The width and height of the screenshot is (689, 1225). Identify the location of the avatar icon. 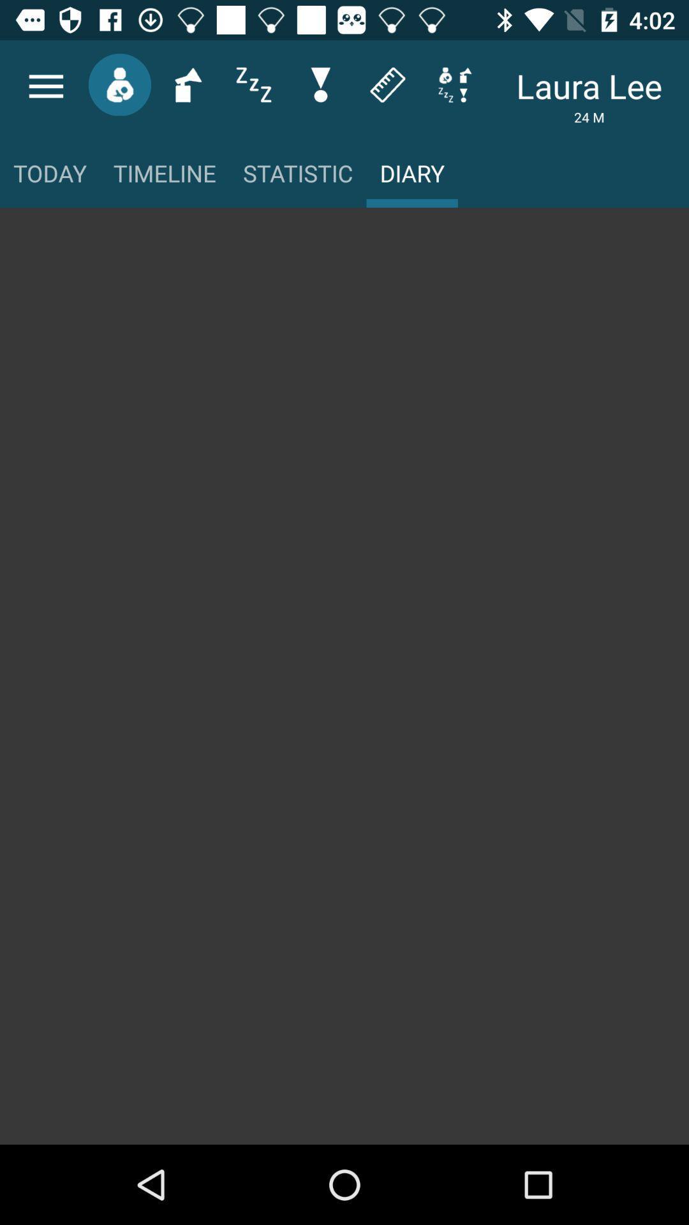
(119, 84).